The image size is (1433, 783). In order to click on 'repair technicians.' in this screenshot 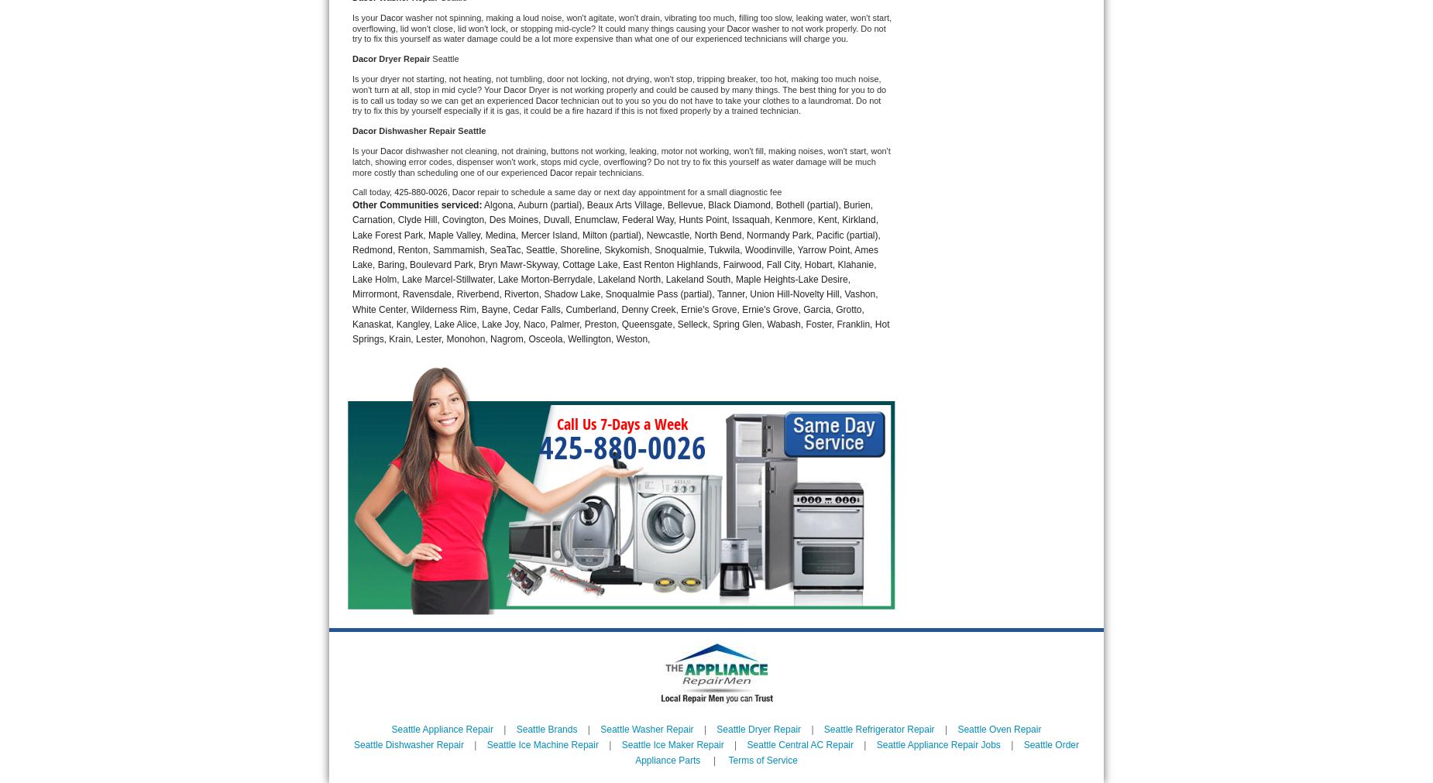, I will do `click(610, 172)`.